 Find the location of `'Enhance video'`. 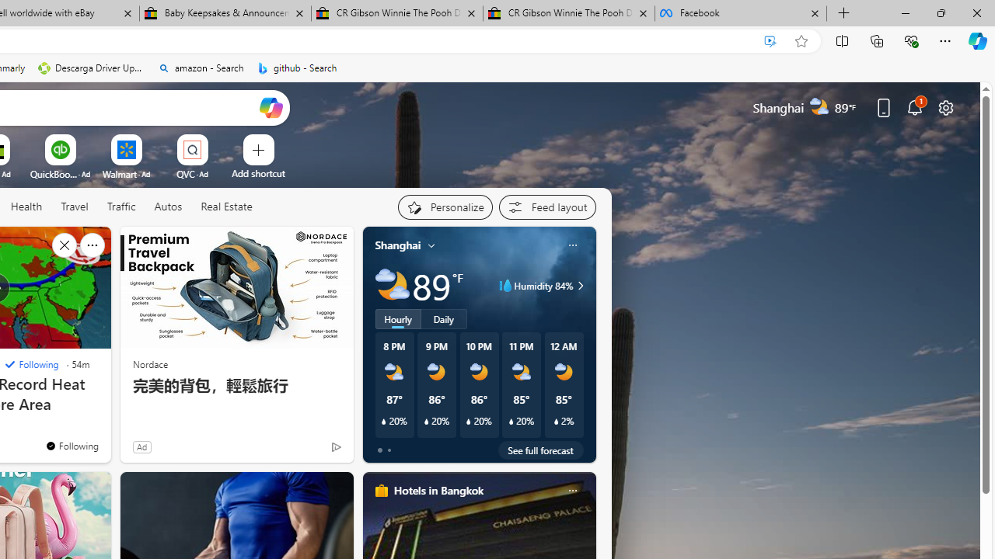

'Enhance video' is located at coordinates (770, 40).